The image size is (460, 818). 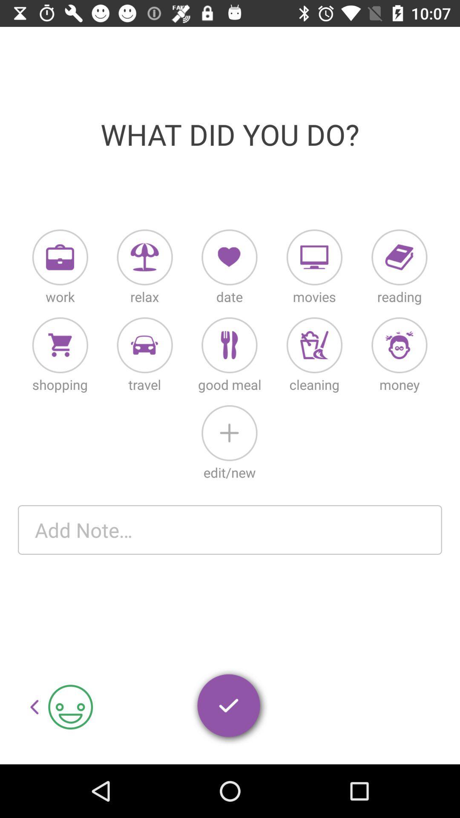 I want to click on where you went, so click(x=144, y=345).